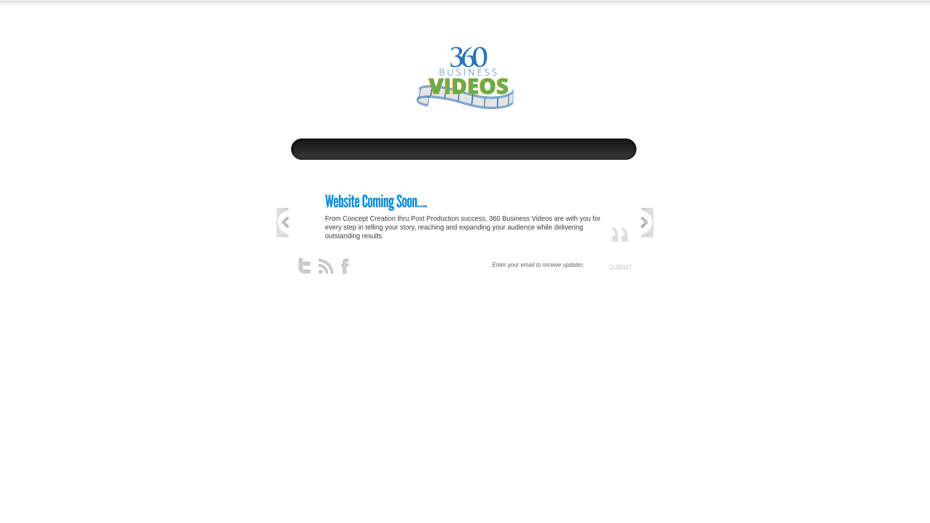 This screenshot has width=930, height=523. Describe the element at coordinates (282, 222) in the screenshot. I see `'Previous'` at that location.